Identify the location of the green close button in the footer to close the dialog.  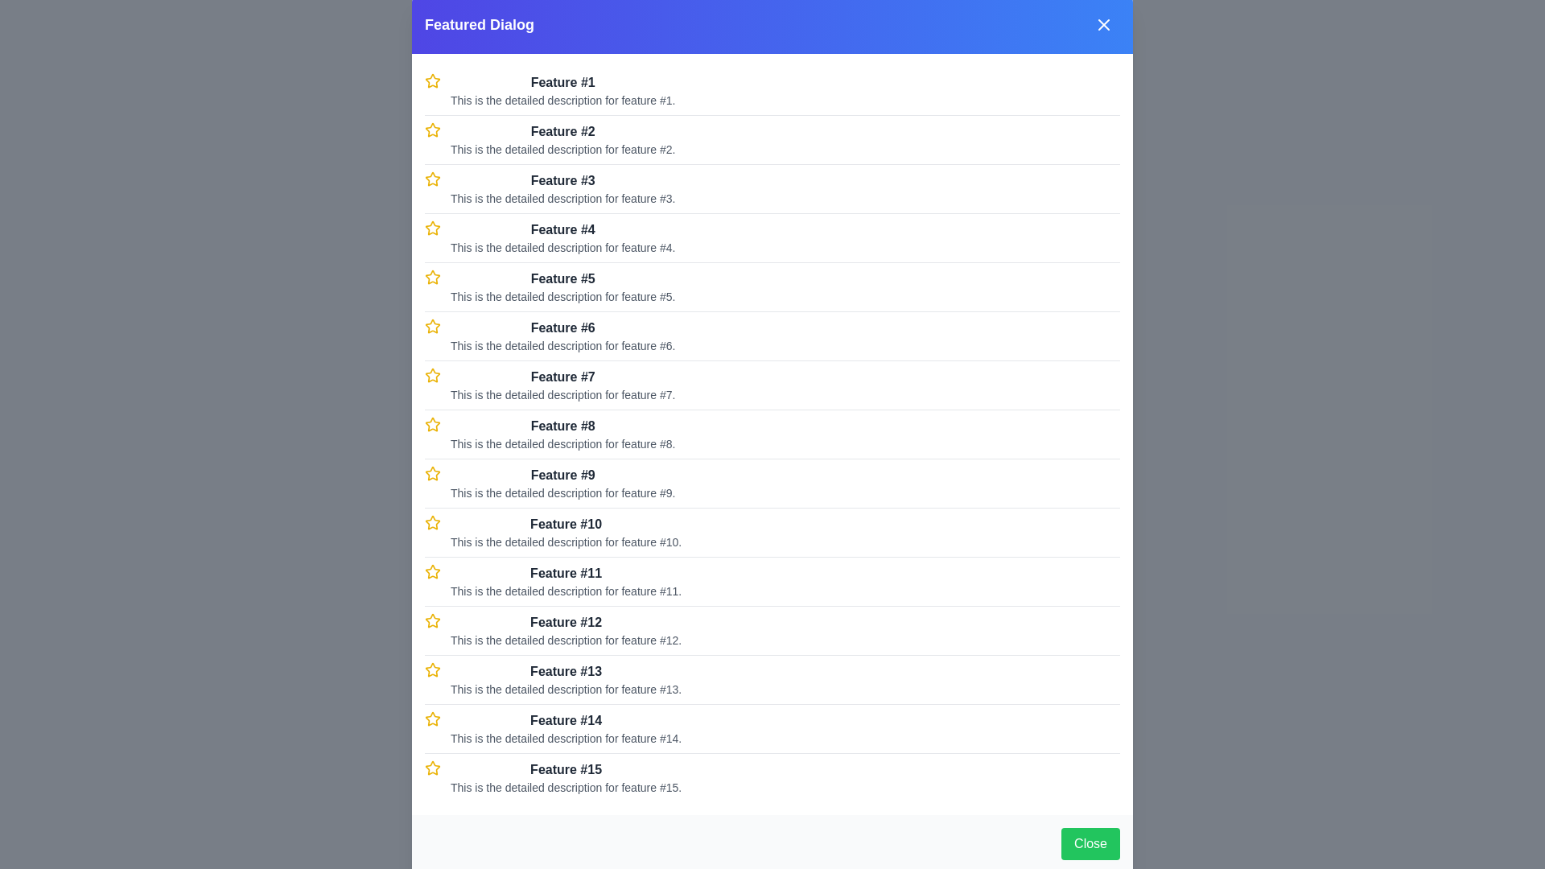
(1090, 843).